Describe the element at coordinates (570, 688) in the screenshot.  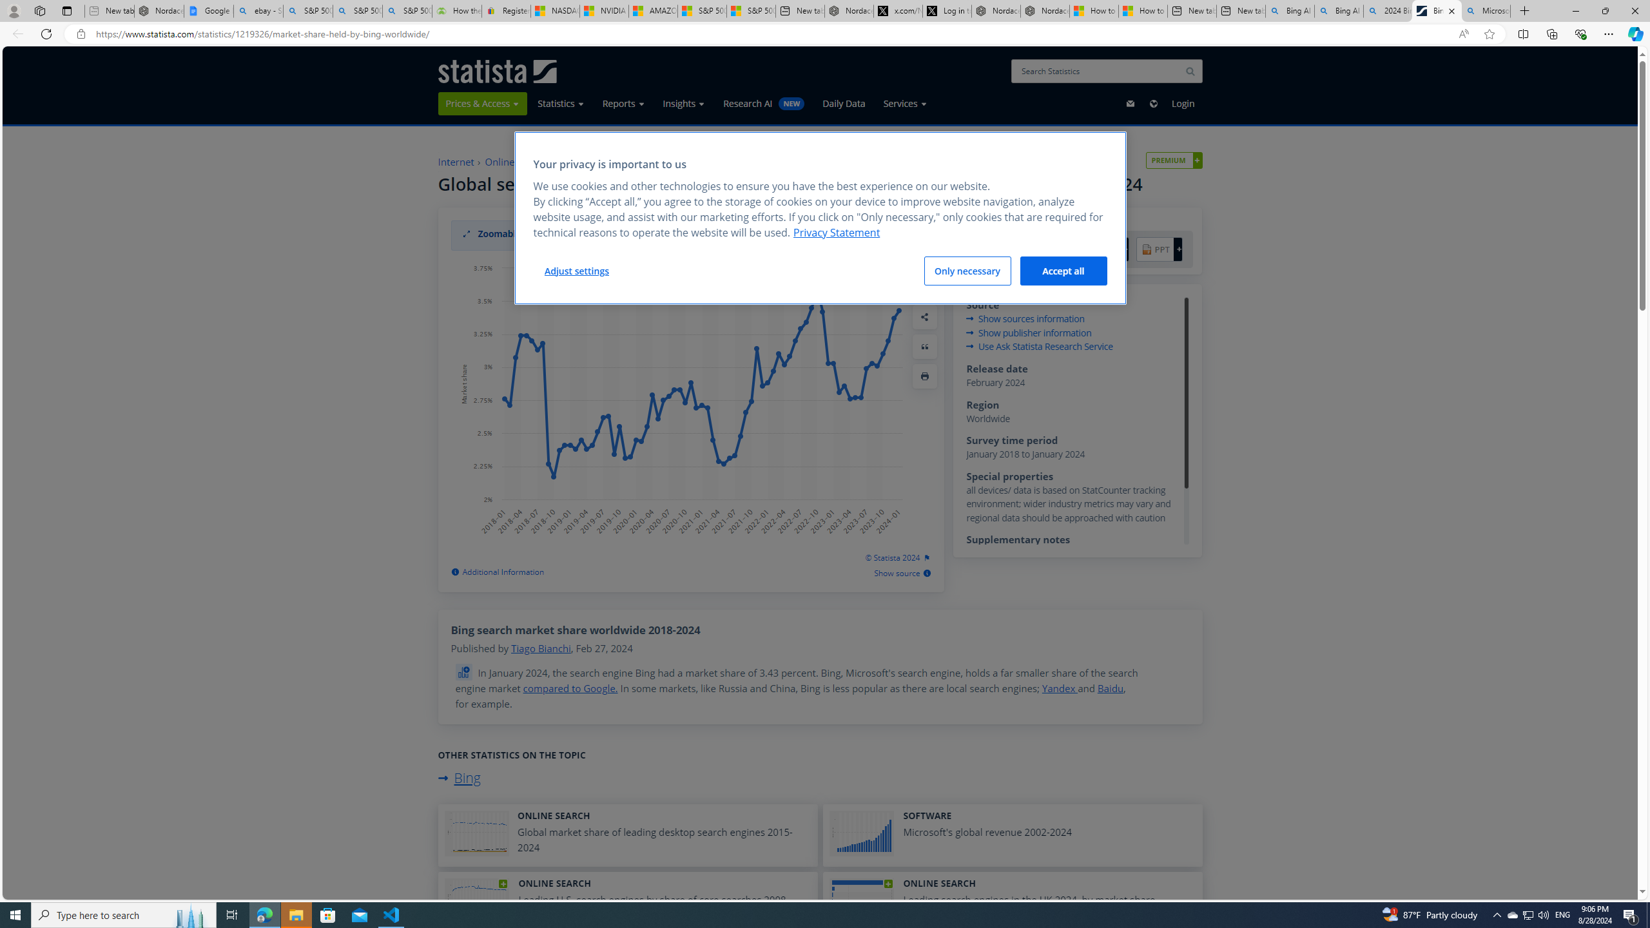
I see `'compared to Google.'` at that location.